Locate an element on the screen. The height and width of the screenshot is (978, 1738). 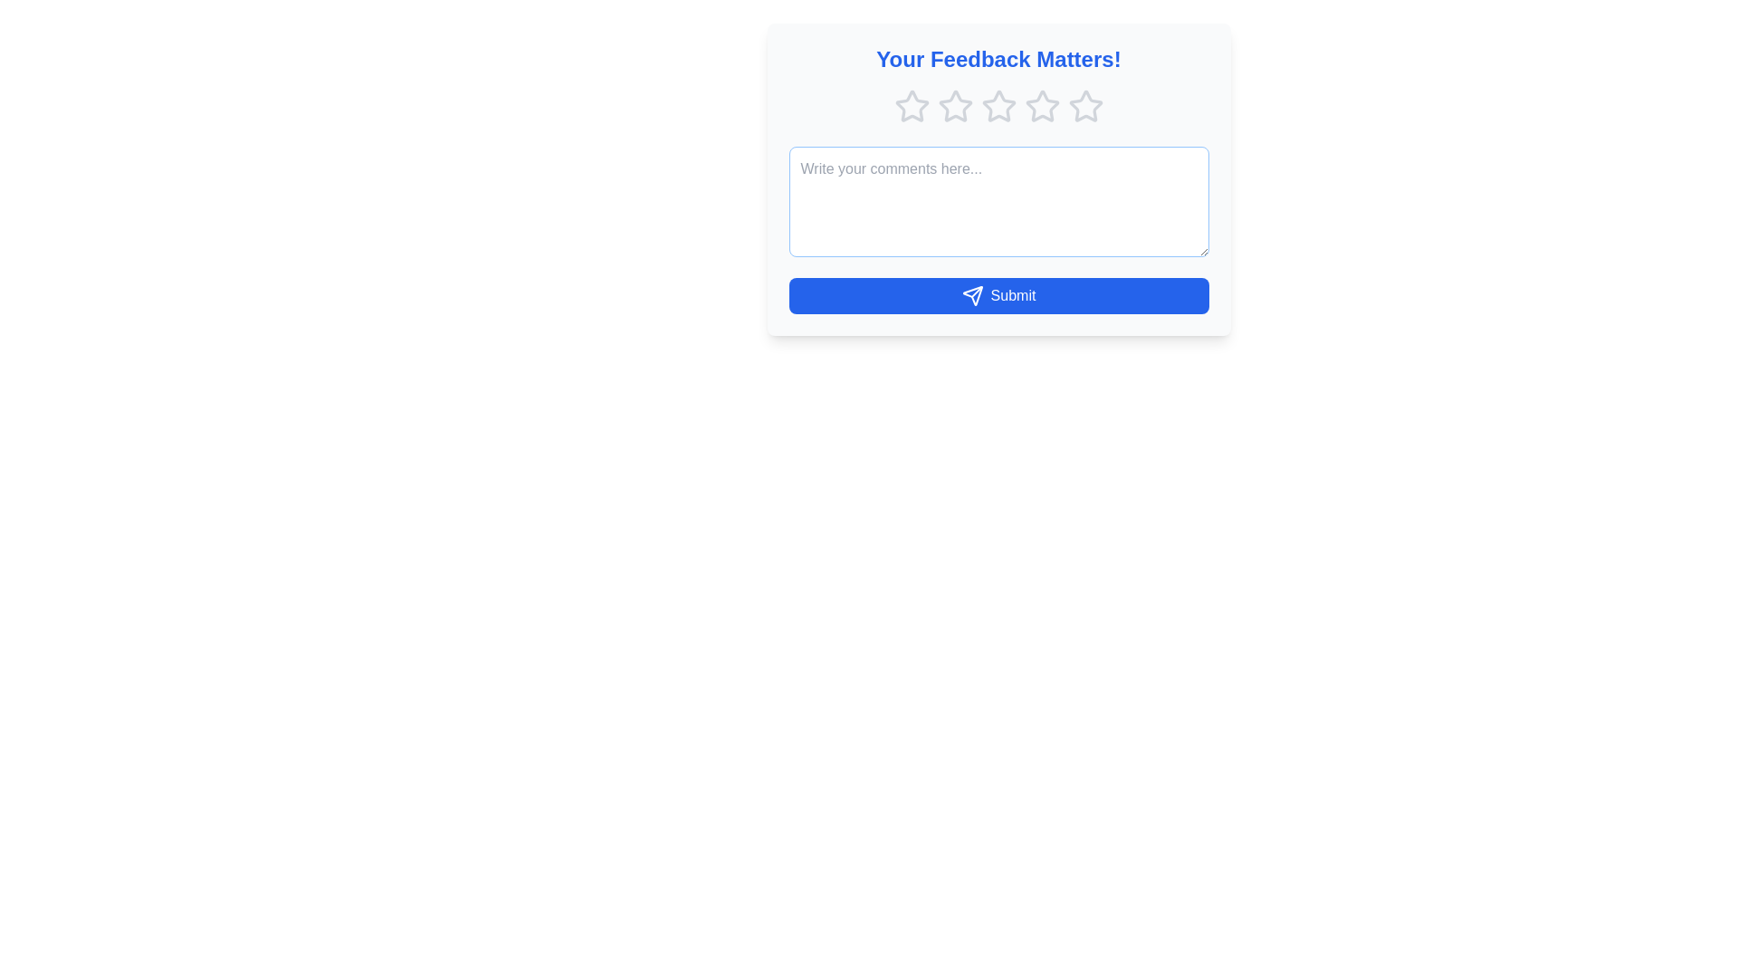
the fourth star in the rating system is located at coordinates (1042, 106).